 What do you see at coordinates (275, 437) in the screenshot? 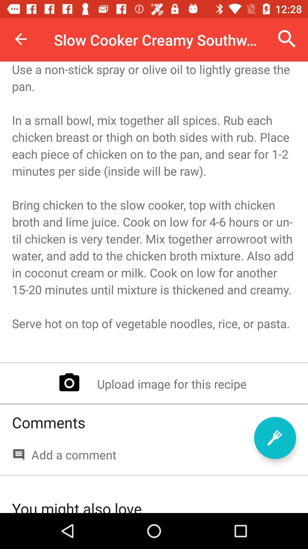
I see `the item next to the comments icon` at bounding box center [275, 437].